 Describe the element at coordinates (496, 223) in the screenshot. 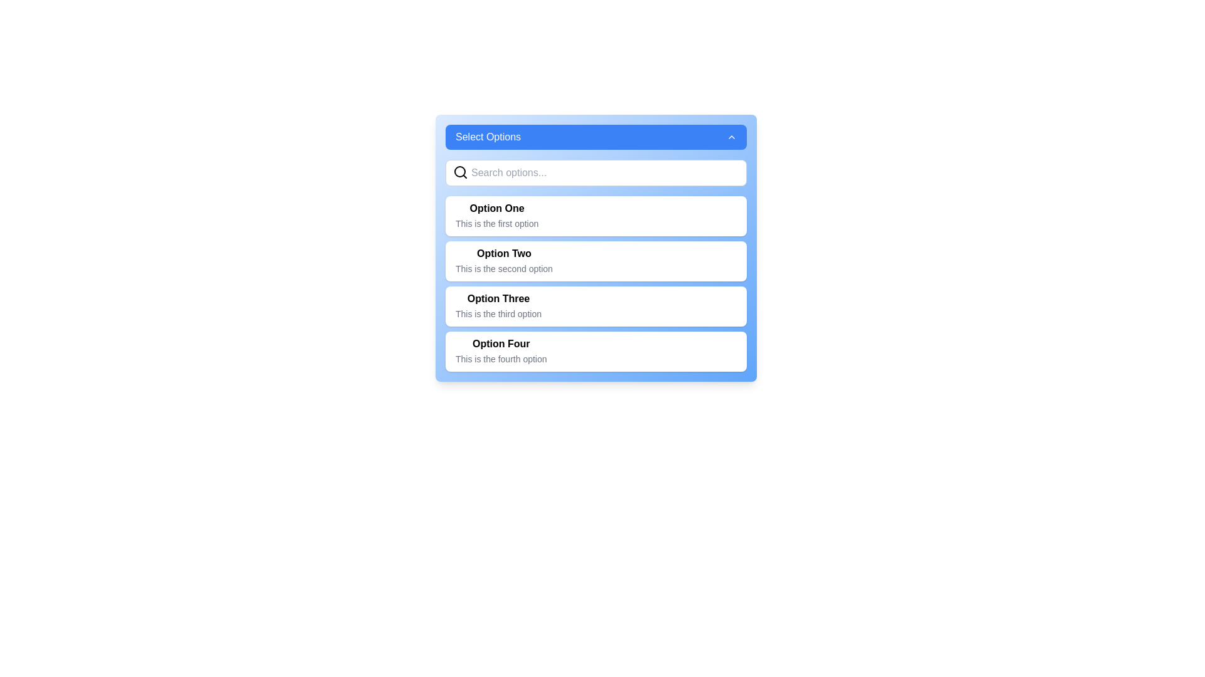

I see `the Text component that provides additional descriptive information for the 'Option One' selection, located directly below the title 'Option One' in the dropdown menu` at that location.